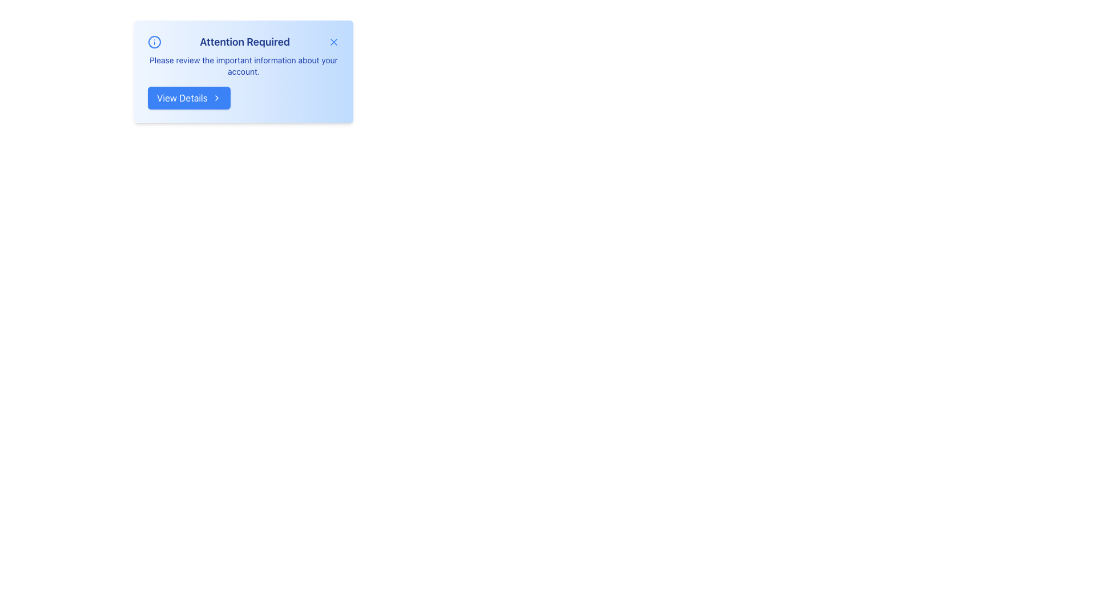 The image size is (1096, 616). What do you see at coordinates (243, 66) in the screenshot?
I see `the informational text located below the title 'Attention Required', which provides instructions for the user to review their account's details` at bounding box center [243, 66].